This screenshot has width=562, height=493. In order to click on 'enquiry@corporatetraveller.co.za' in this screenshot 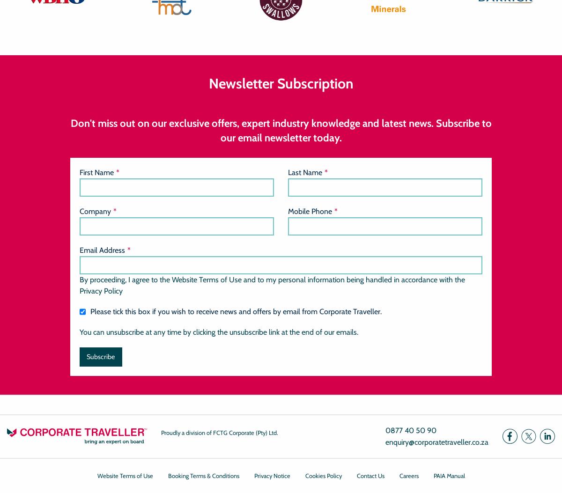, I will do `click(437, 441)`.